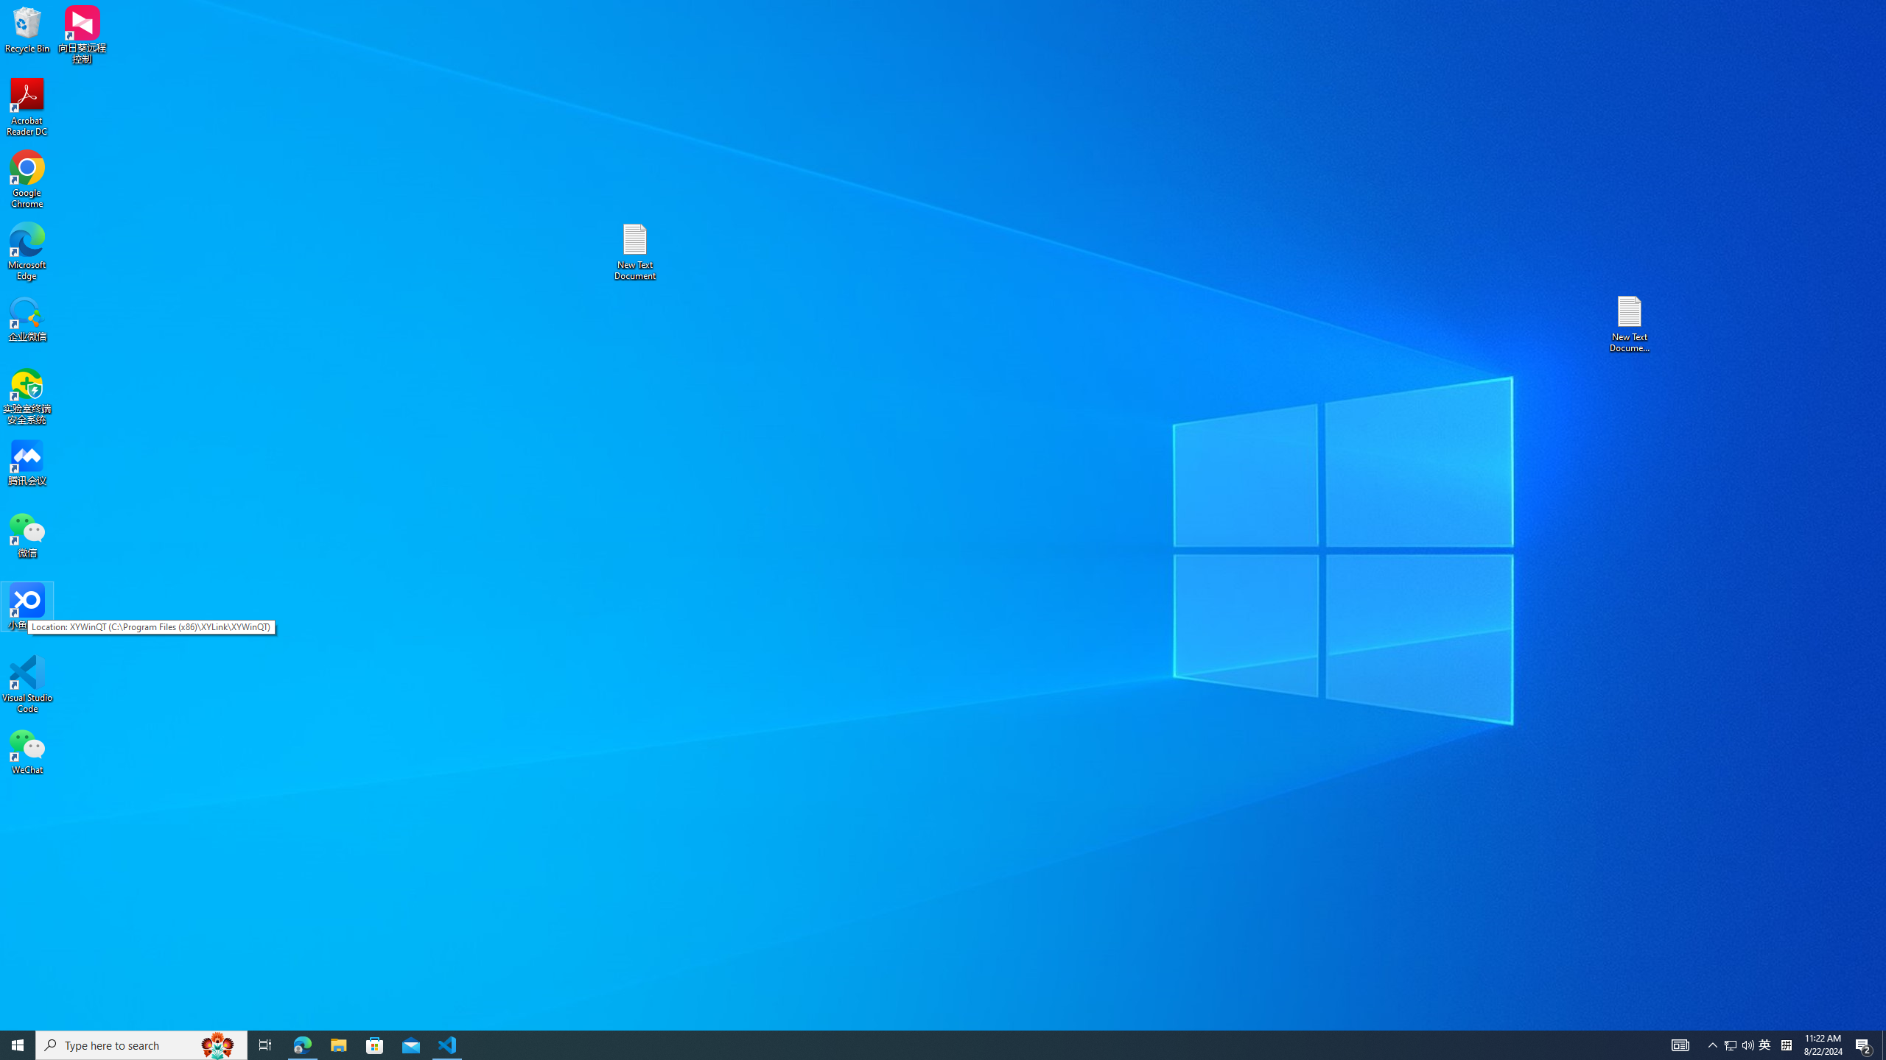 This screenshot has width=1886, height=1060. I want to click on 'Acrobat Reader DC', so click(27, 107).